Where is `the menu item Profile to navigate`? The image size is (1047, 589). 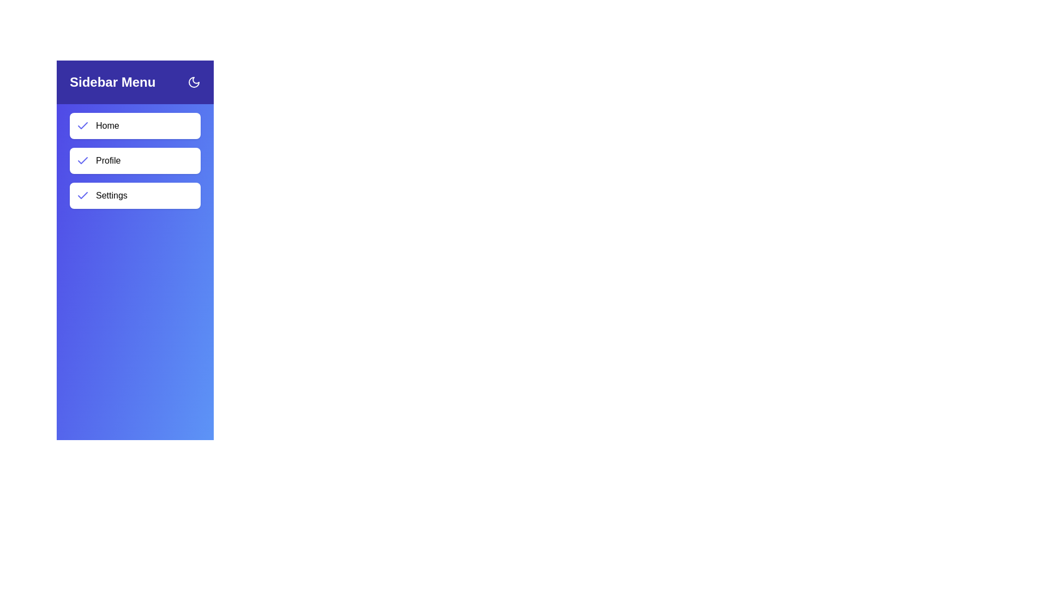 the menu item Profile to navigate is located at coordinates (135, 160).